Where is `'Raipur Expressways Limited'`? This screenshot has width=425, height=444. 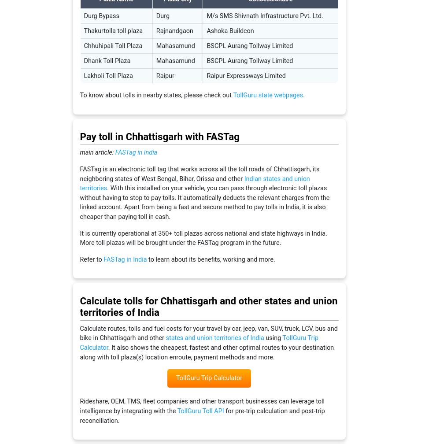 'Raipur Expressways Limited' is located at coordinates (246, 76).